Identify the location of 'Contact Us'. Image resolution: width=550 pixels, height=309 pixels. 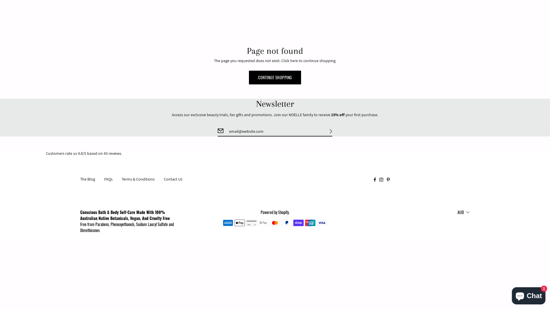
(163, 179).